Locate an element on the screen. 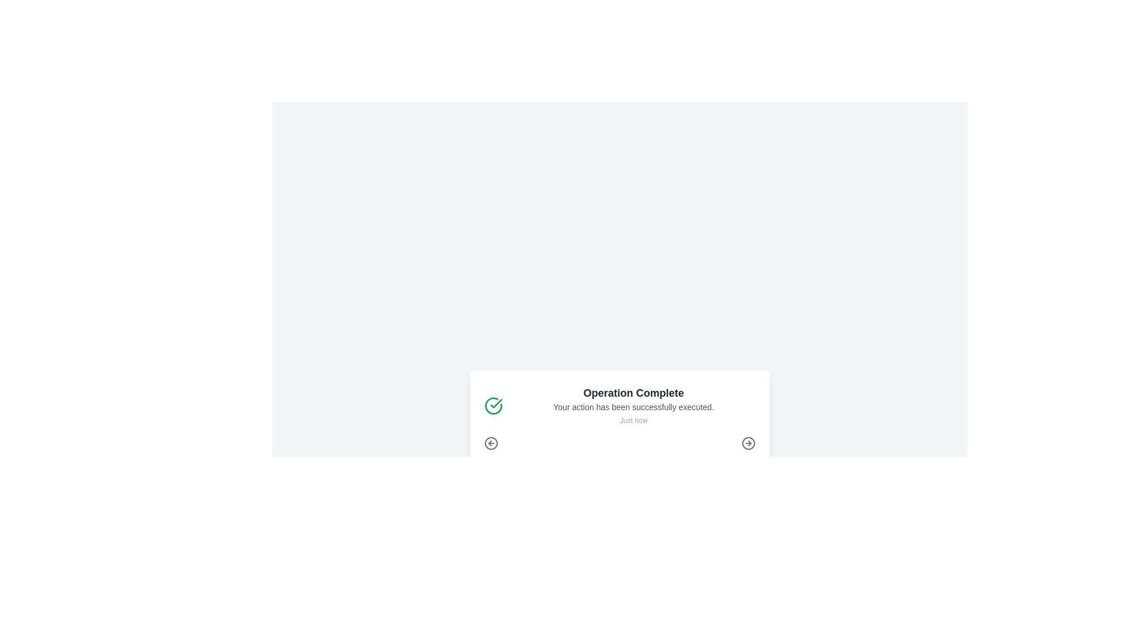 The height and width of the screenshot is (631, 1123). the circular graphical element located in the bottom-right corner of the 'Operation Complete' dialog box, adjacent to the message text is located at coordinates (747, 443).